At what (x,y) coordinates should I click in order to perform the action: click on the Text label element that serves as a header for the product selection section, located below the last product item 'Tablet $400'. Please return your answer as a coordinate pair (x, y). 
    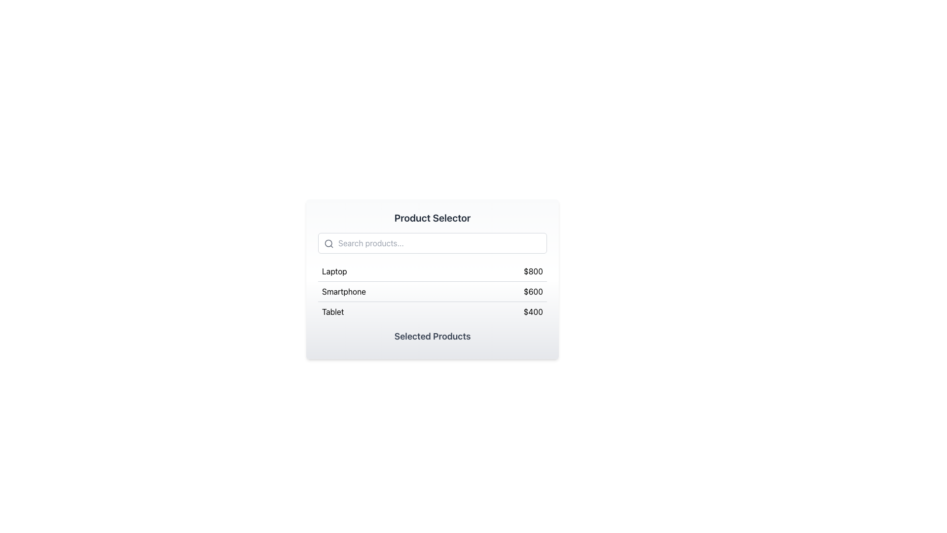
    Looking at the image, I should click on (433, 336).